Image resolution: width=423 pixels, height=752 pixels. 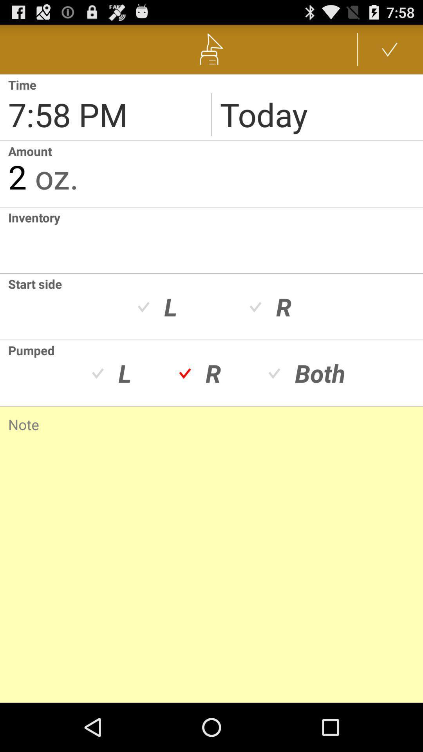 What do you see at coordinates (211, 544) in the screenshot?
I see `note area` at bounding box center [211, 544].